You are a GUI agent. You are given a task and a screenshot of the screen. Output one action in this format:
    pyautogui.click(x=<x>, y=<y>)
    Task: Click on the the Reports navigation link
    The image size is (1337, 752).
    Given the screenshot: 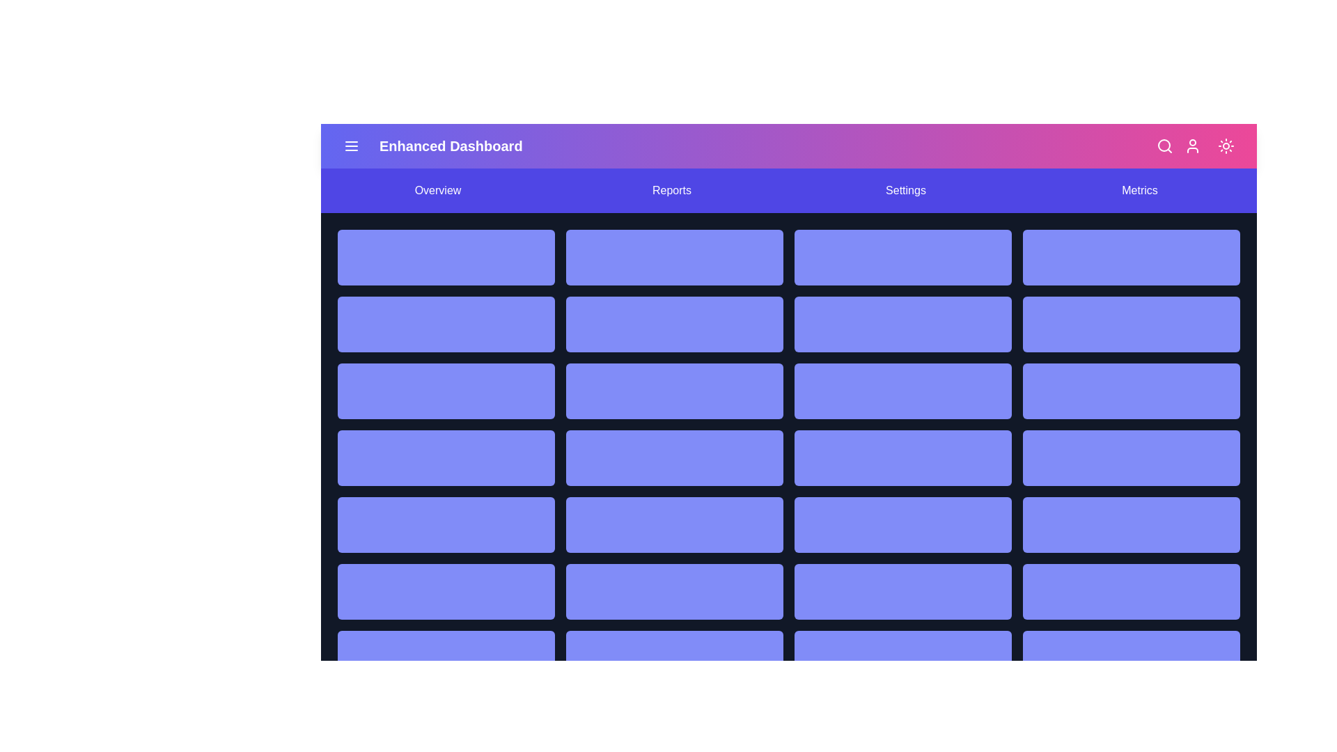 What is the action you would take?
    pyautogui.click(x=671, y=190)
    